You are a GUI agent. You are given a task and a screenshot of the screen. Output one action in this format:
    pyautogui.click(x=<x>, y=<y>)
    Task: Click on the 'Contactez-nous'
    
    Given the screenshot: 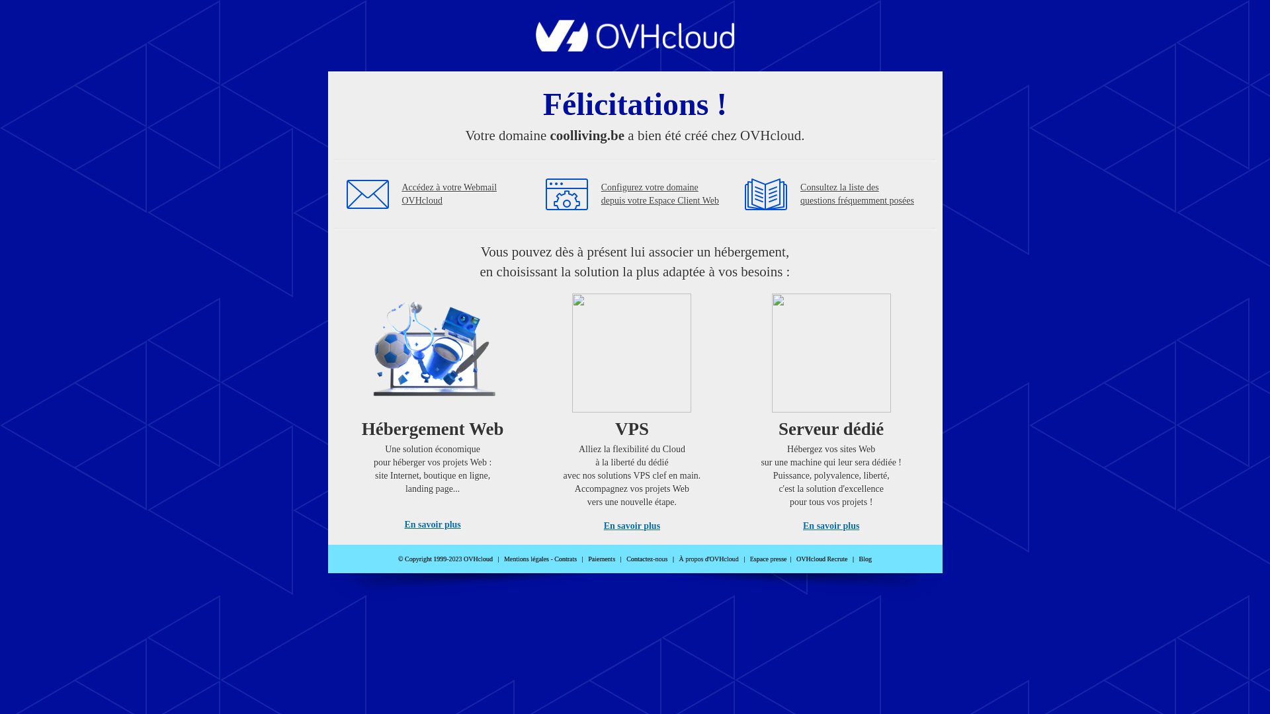 What is the action you would take?
    pyautogui.click(x=647, y=559)
    